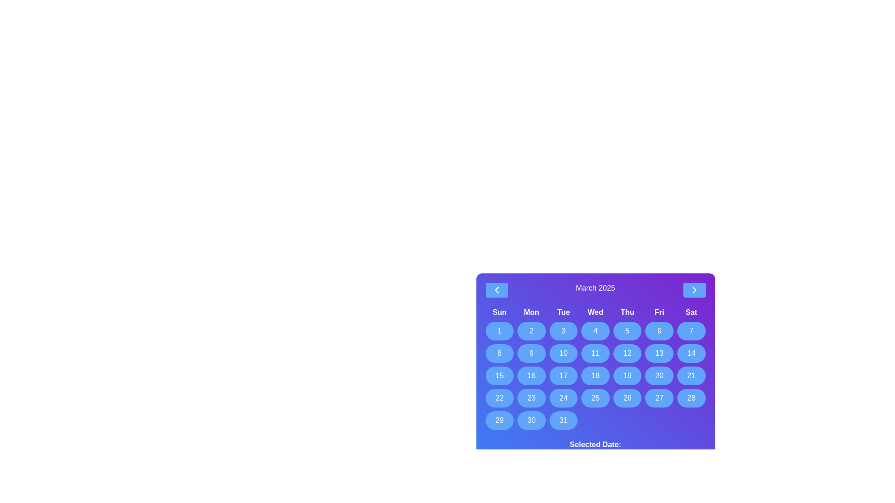 This screenshot has width=895, height=503. I want to click on the static label indicating 'Saturday' in the calendar header, which is the last element in the sequence of day abbreviations, so click(691, 313).